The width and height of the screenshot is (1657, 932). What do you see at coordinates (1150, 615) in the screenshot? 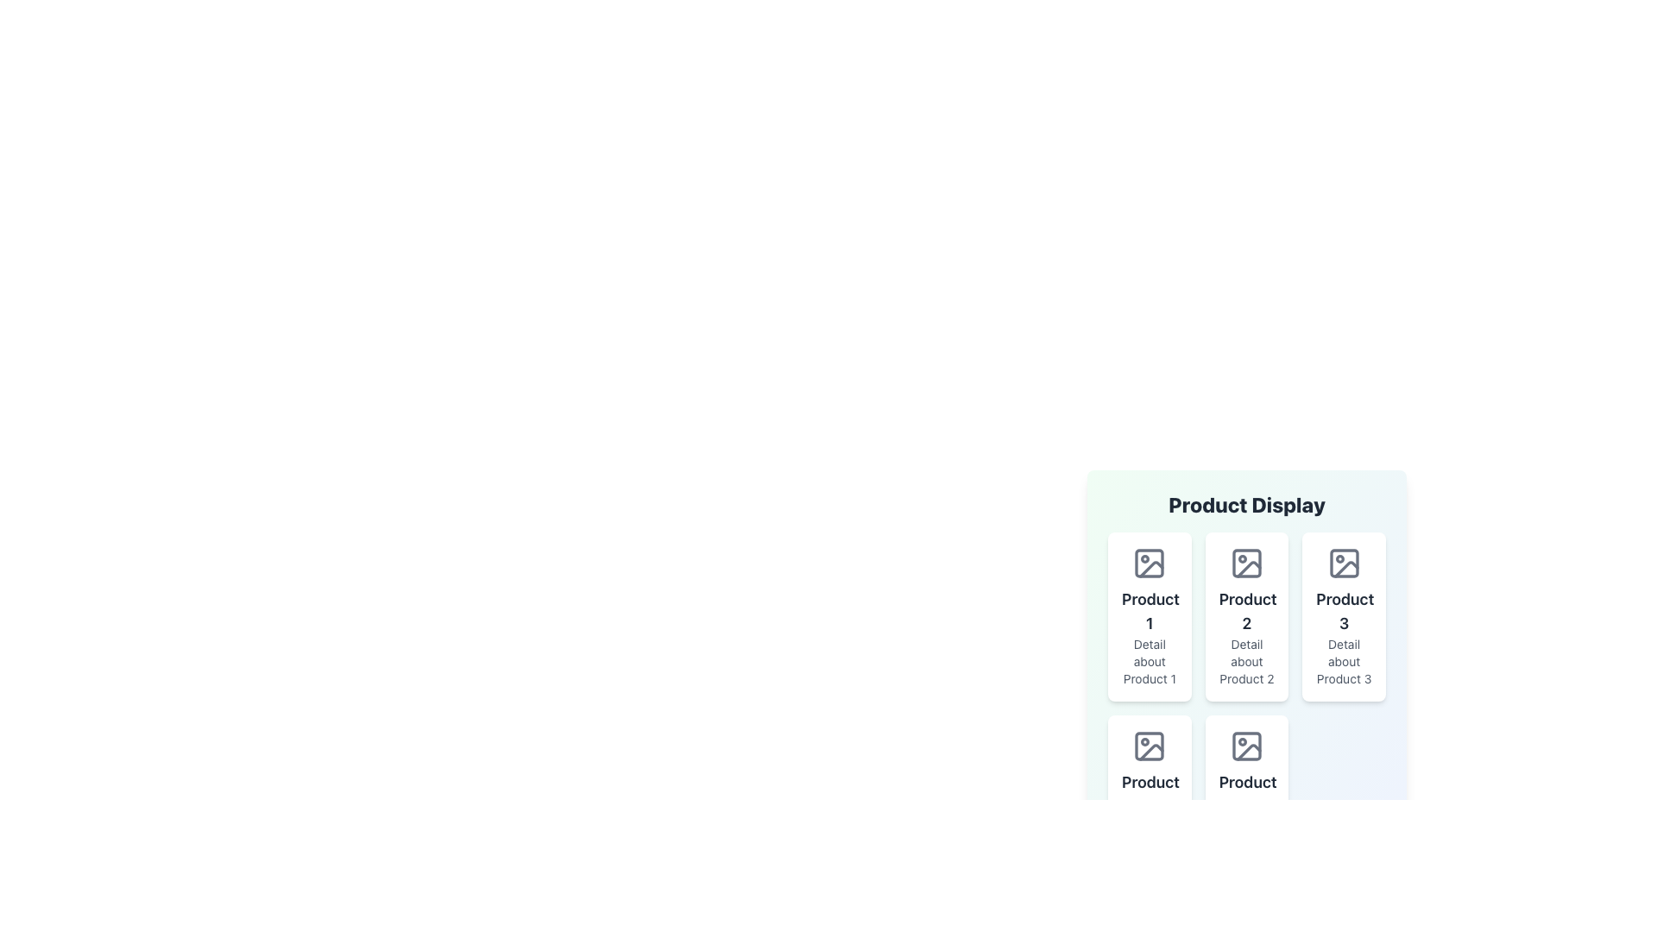
I see `the first product card in the grid layout, which is located at the top-left corner and precedes 'Product 2' and 'Product 3'` at bounding box center [1150, 615].